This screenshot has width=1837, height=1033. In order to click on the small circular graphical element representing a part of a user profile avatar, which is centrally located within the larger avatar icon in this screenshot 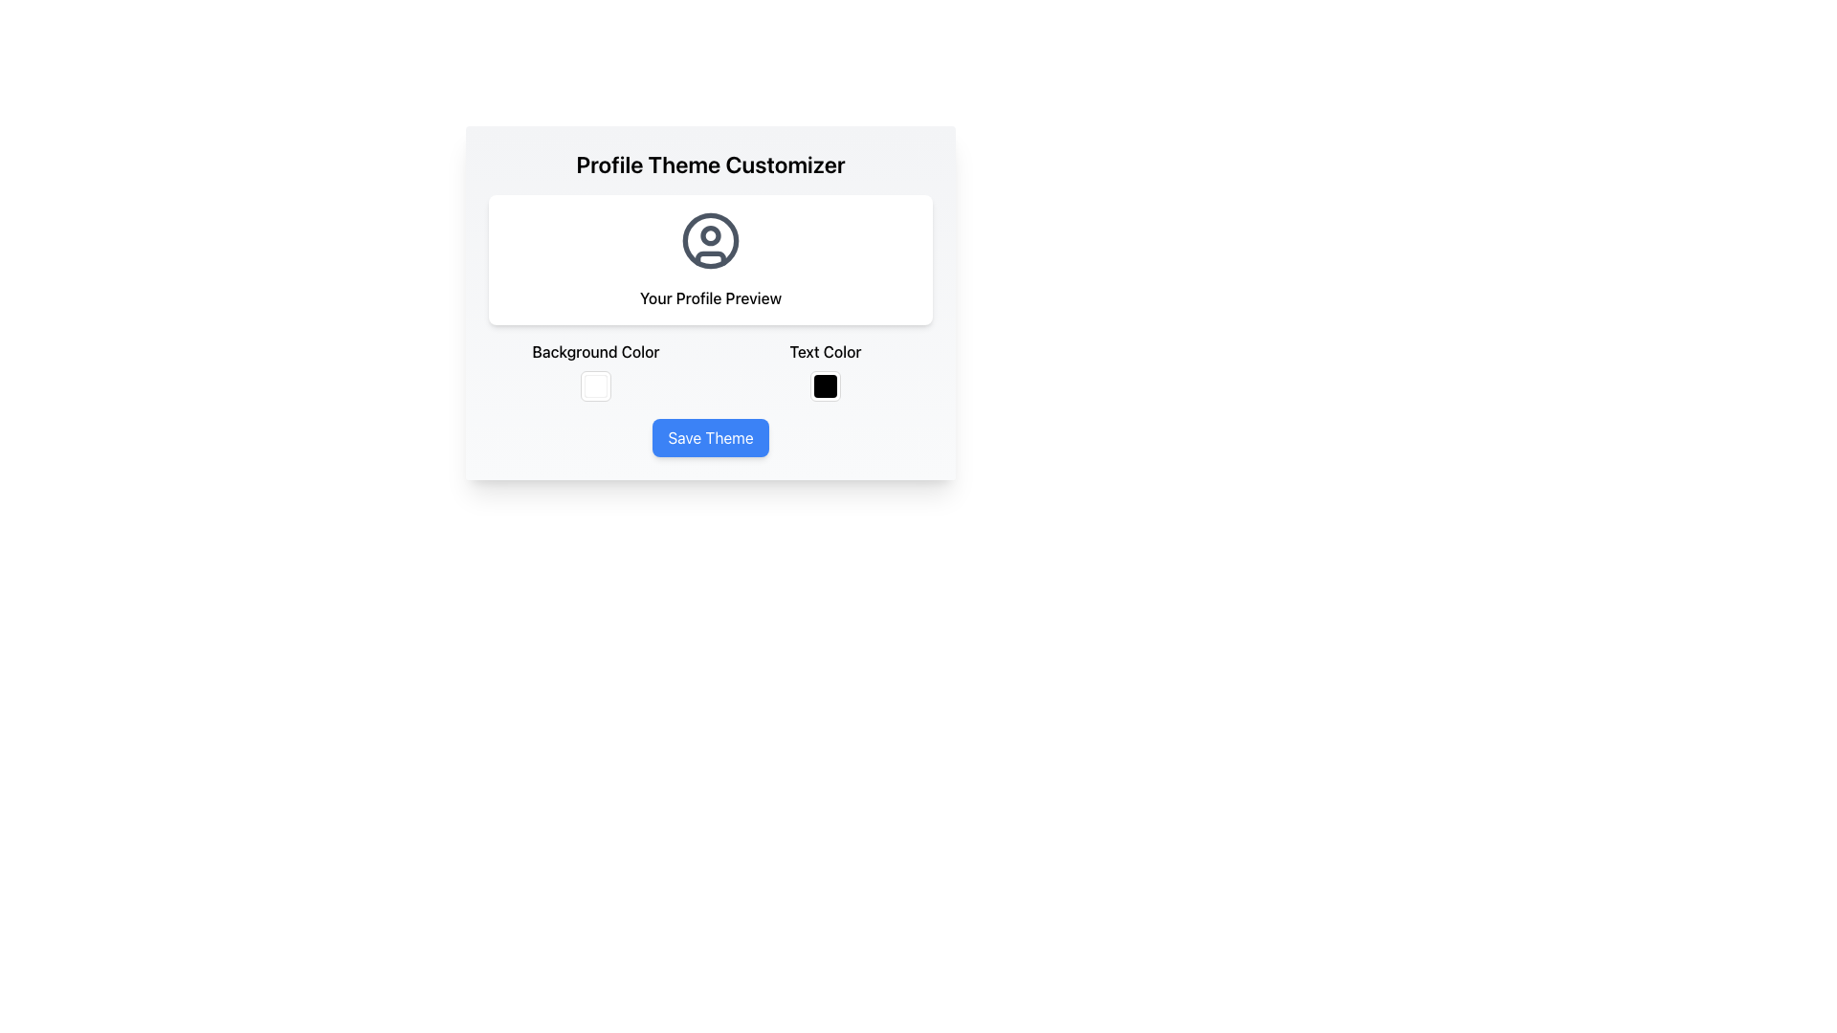, I will do `click(710, 234)`.